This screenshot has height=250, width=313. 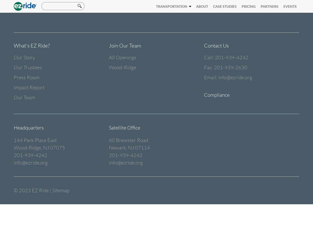 What do you see at coordinates (24, 57) in the screenshot?
I see `'Our Story'` at bounding box center [24, 57].